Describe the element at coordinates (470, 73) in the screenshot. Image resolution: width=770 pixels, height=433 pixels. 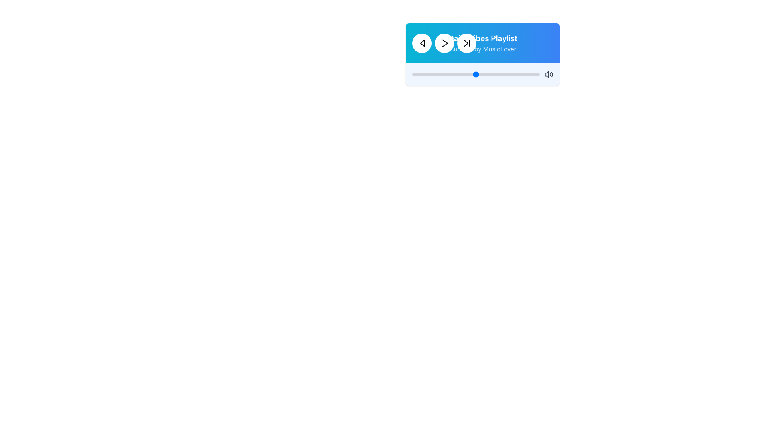
I see `the slider's value` at that location.